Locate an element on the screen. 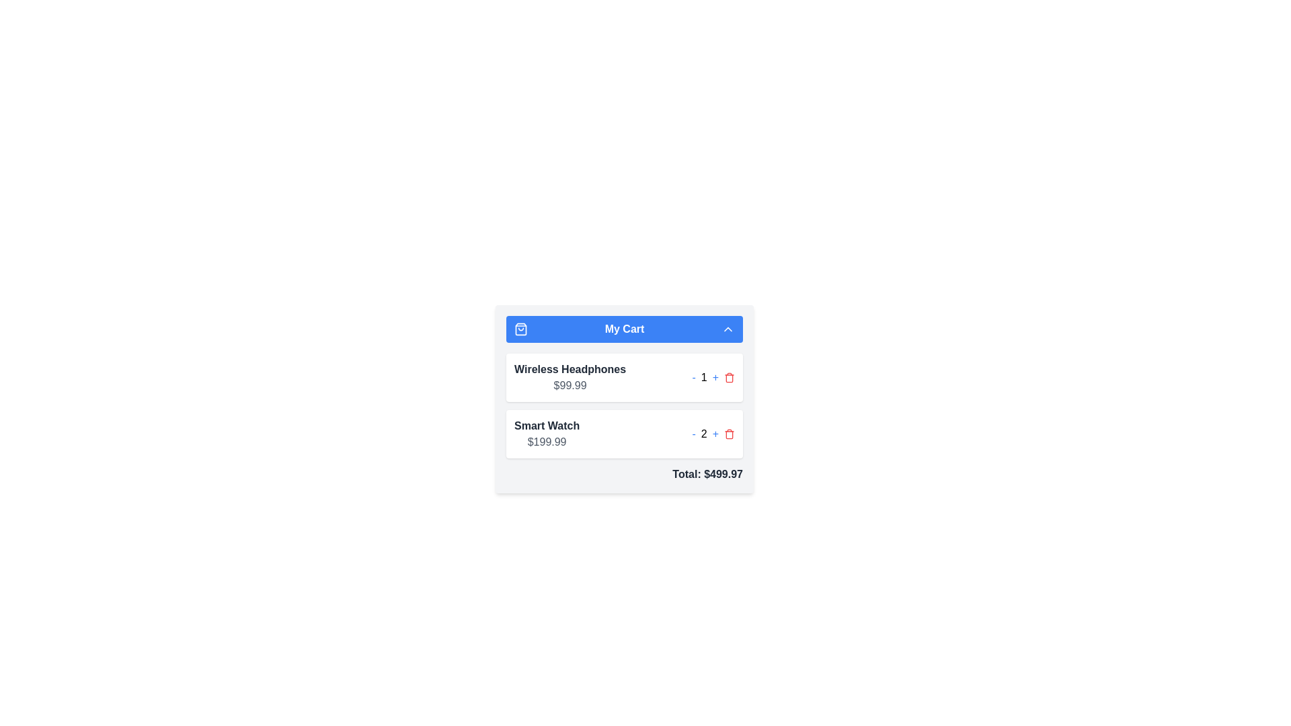 The image size is (1291, 726). the blue button labeled 'My Cart' which features a shopping bag icon on the left and a chevron-up arrow icon on the right is located at coordinates (624, 329).